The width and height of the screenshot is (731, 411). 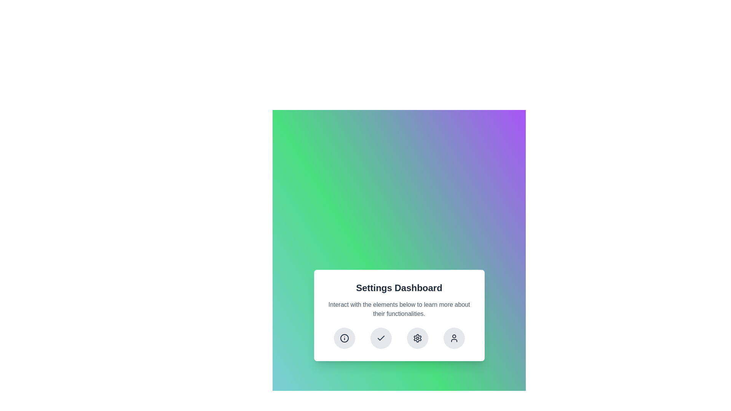 I want to click on the SVG vector graphic icon that serves as a settings access button, located in the third position from the left in a horizontal row beneath the 'Settings Dashboard' title, so click(x=417, y=338).